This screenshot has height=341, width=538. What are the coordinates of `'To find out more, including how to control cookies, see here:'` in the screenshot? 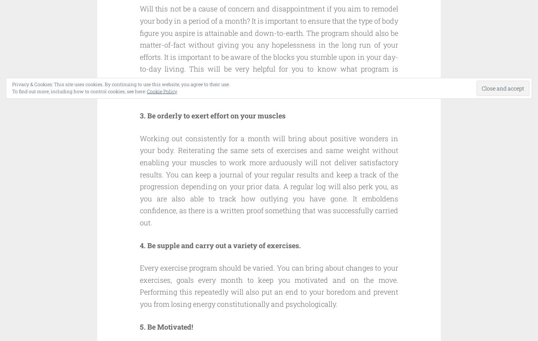 It's located at (79, 91).